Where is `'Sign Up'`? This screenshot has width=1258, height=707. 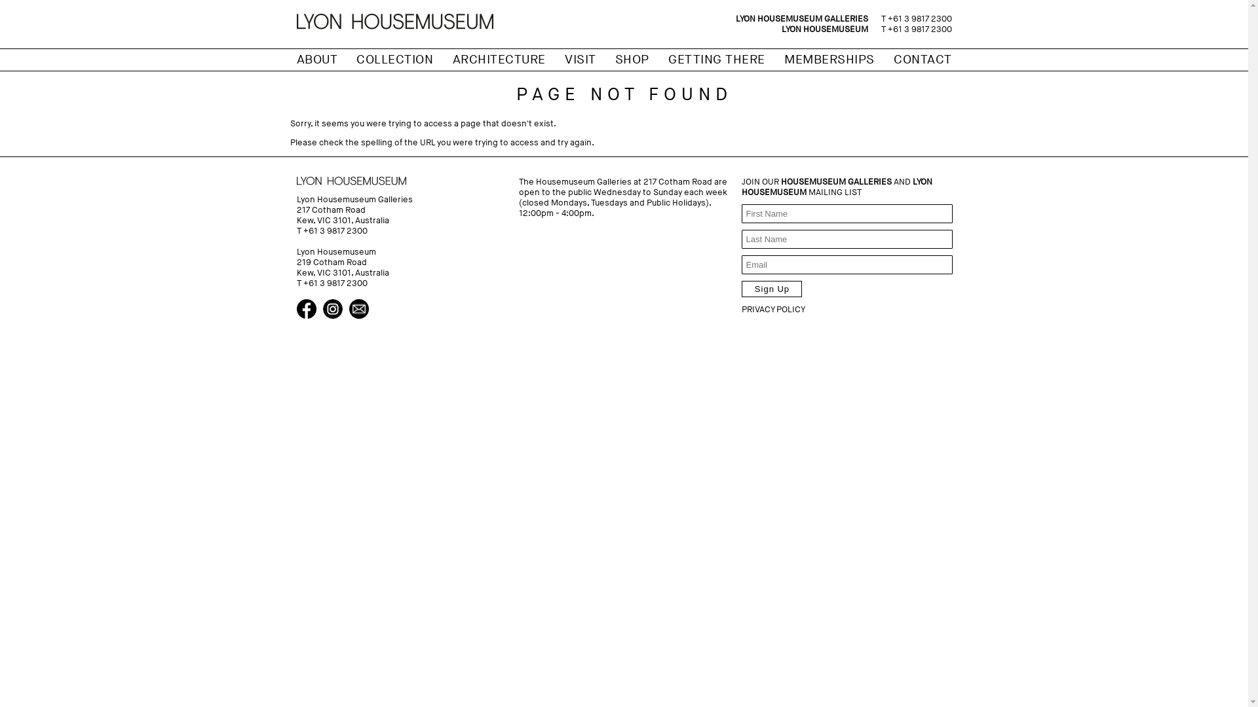 'Sign Up' is located at coordinates (742, 288).